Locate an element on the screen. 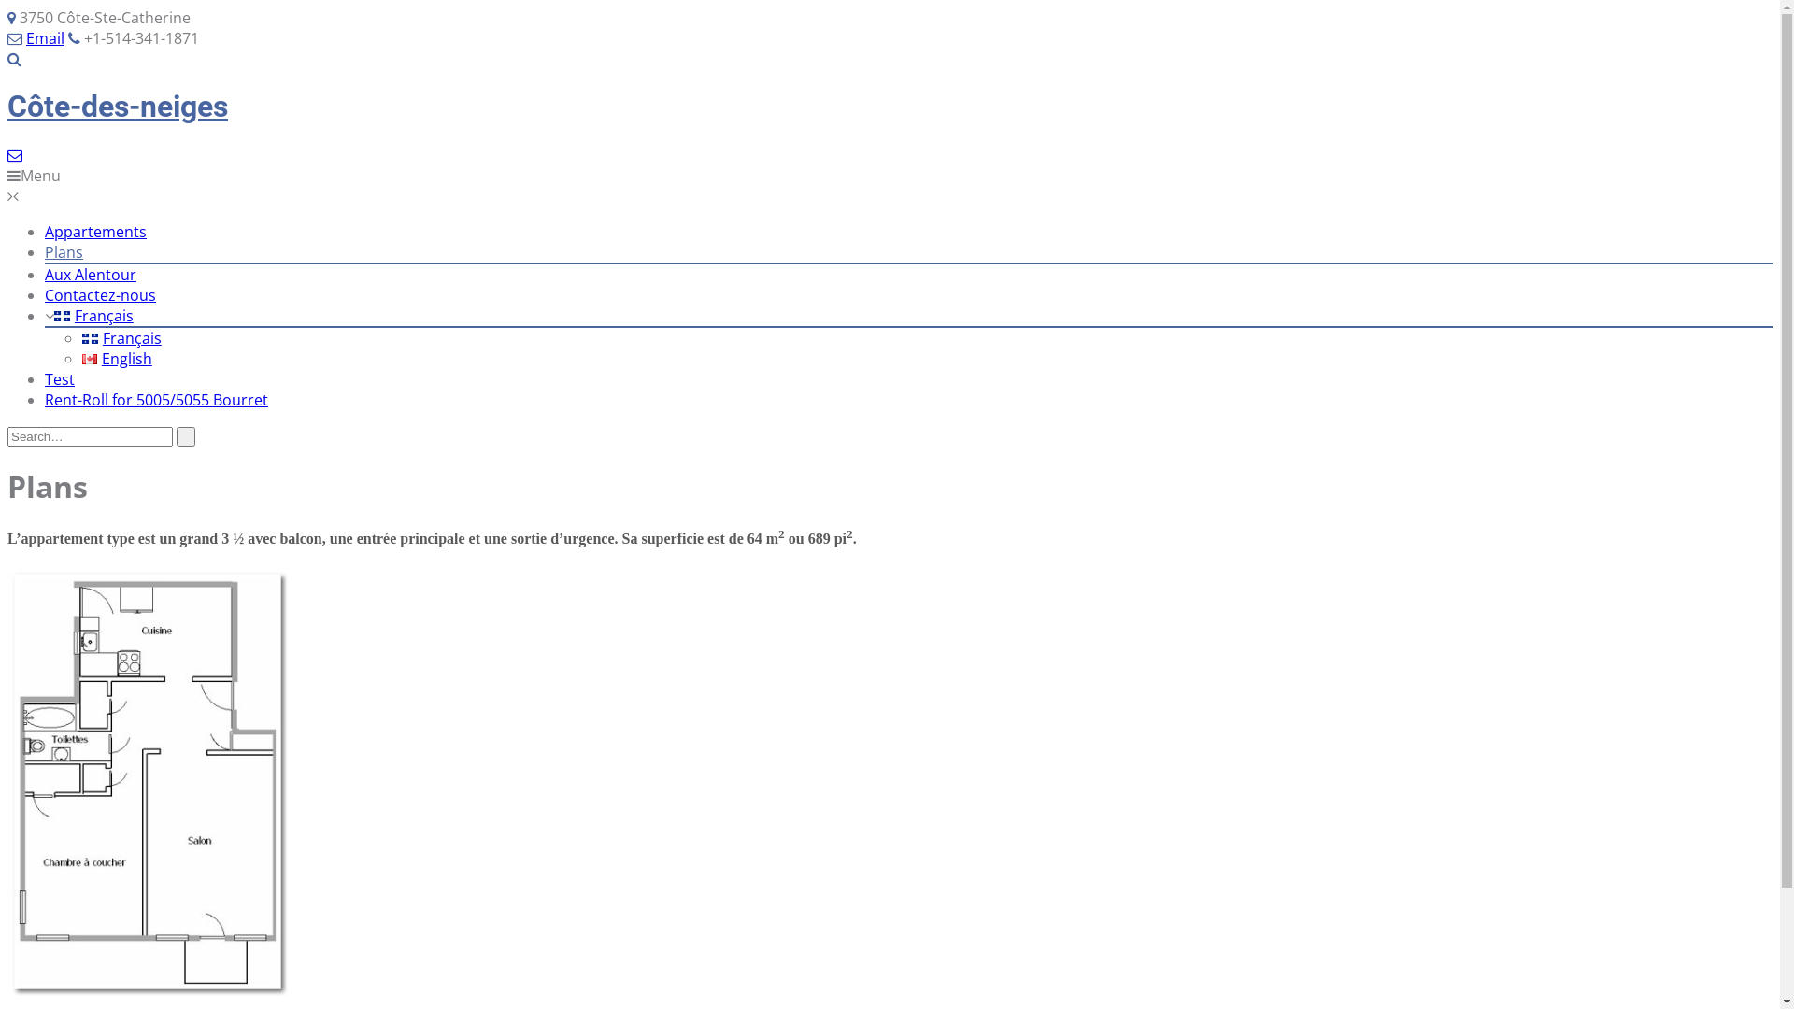 This screenshot has width=1794, height=1009. 'Aux Alentour' is located at coordinates (89, 274).